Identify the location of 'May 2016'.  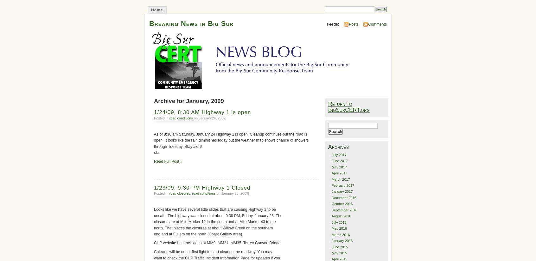
(331, 228).